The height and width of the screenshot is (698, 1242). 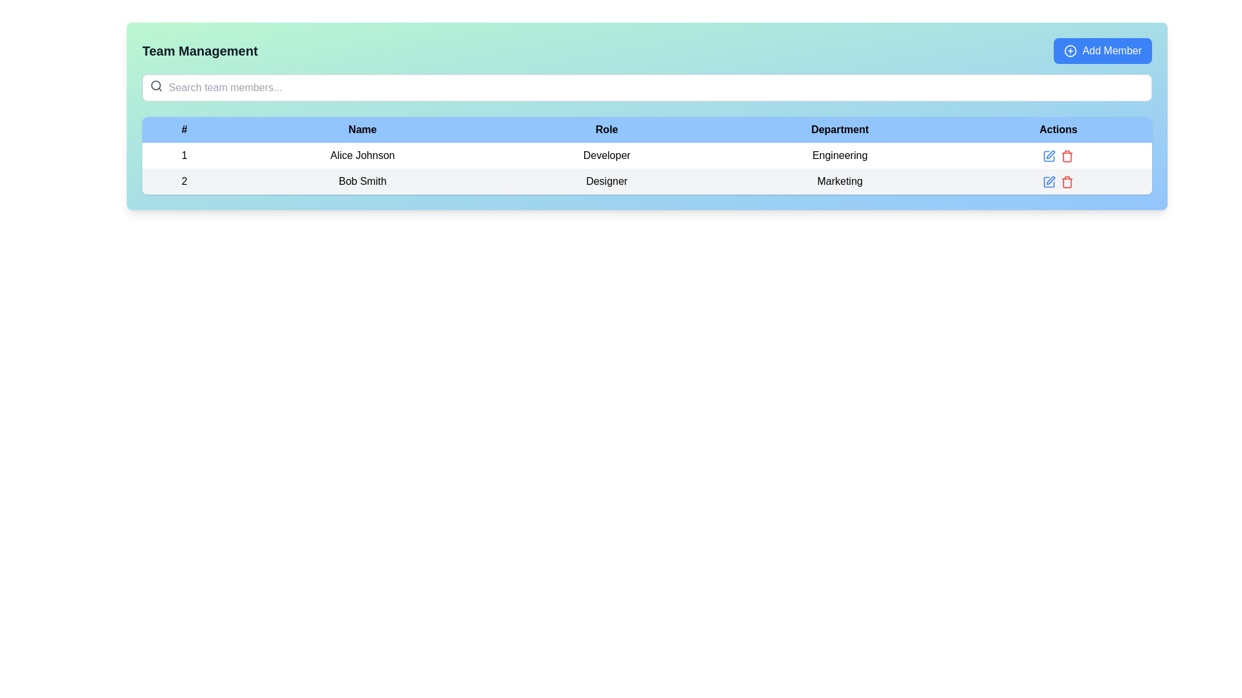 What do you see at coordinates (647, 168) in the screenshot?
I see `the second row` at bounding box center [647, 168].